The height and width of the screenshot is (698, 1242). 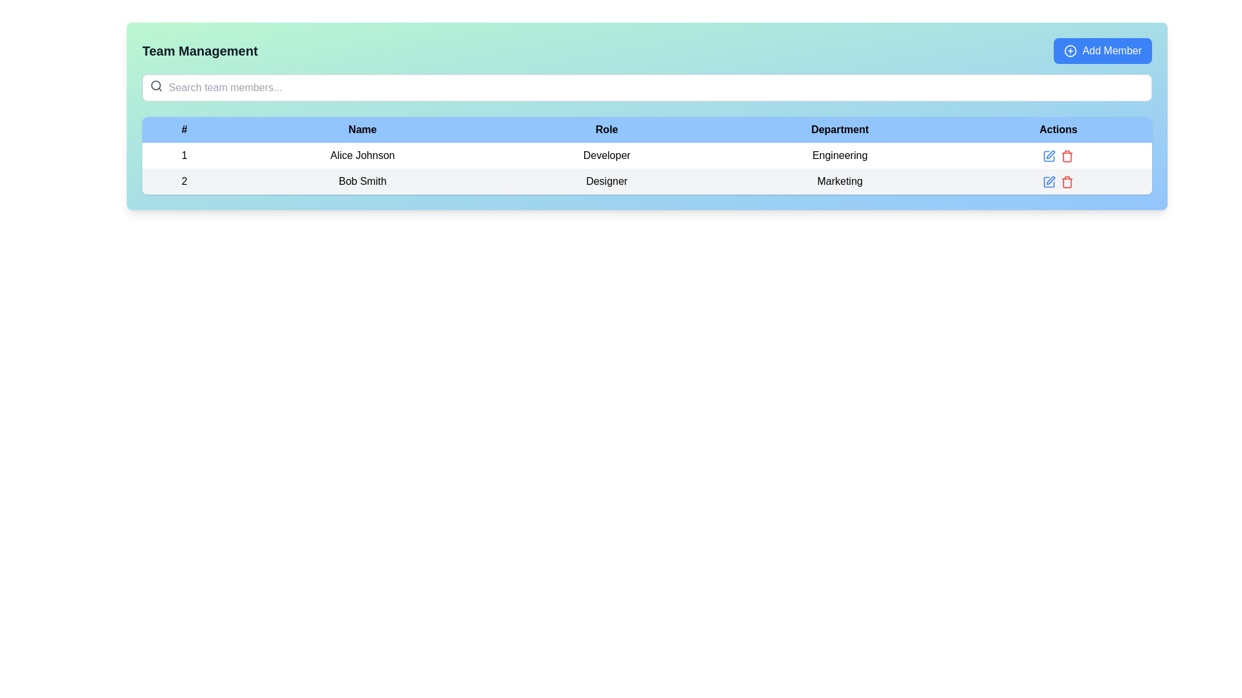 What do you see at coordinates (647, 168) in the screenshot?
I see `the second row` at bounding box center [647, 168].